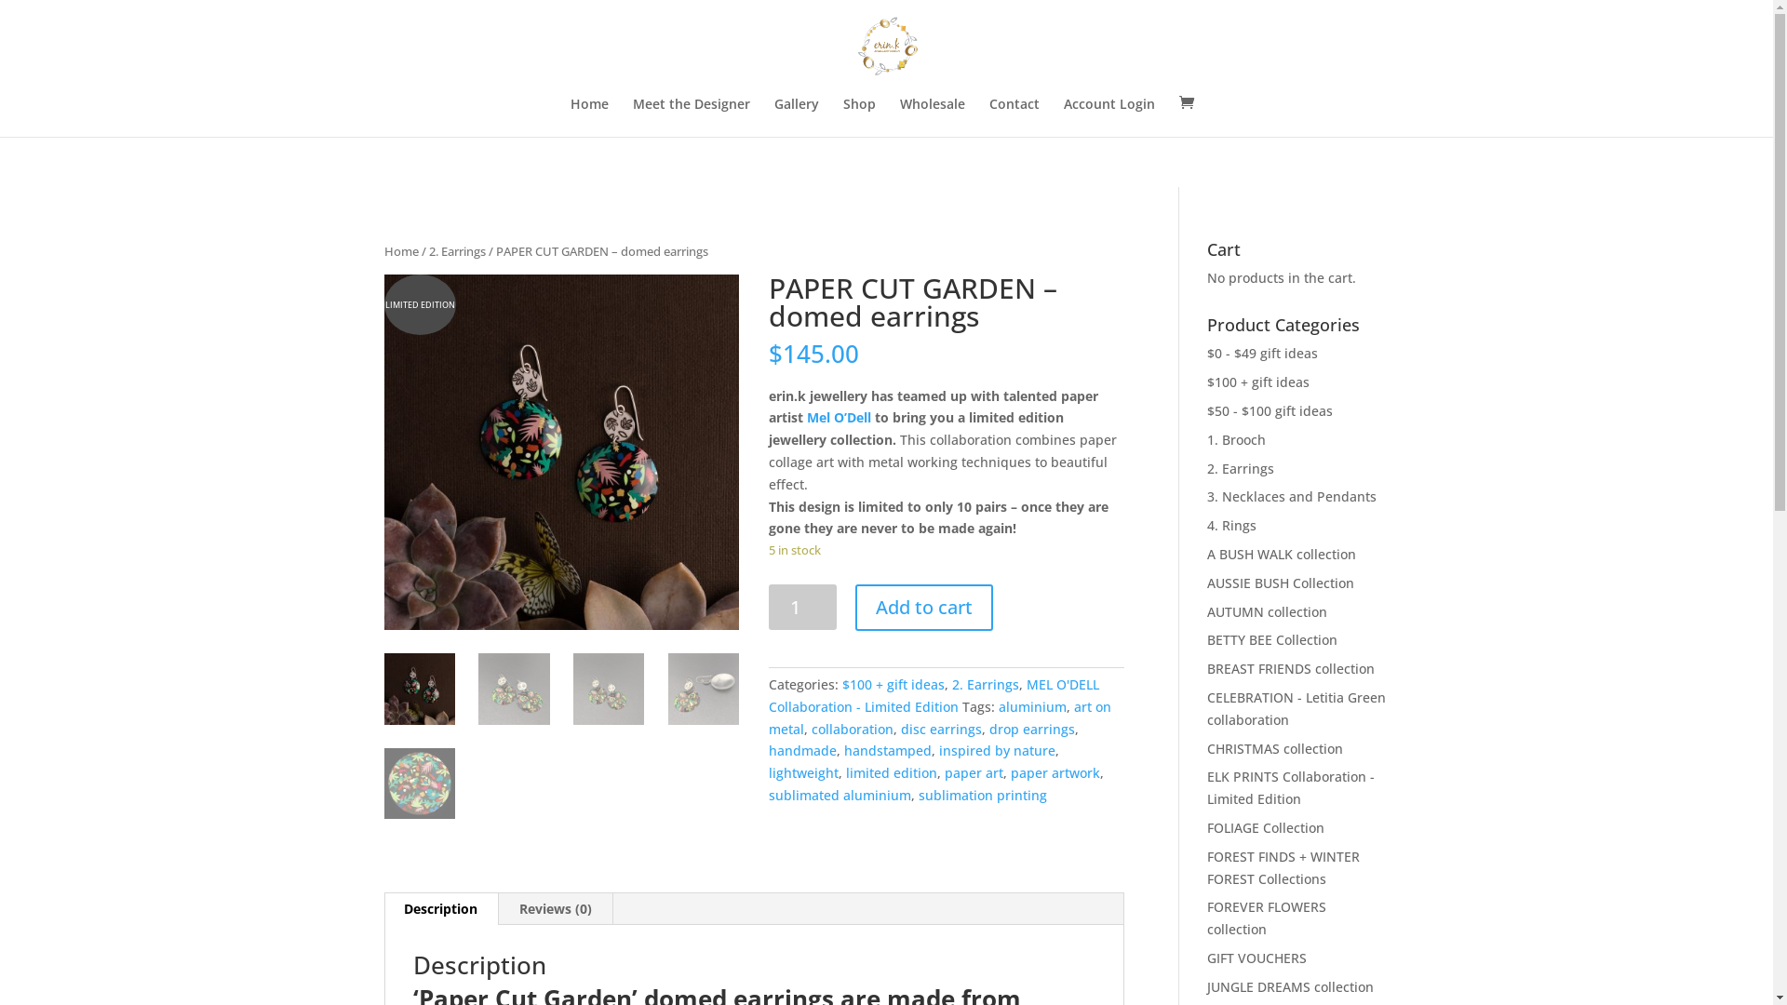 The height and width of the screenshot is (1005, 1787). Describe the element at coordinates (1266, 611) in the screenshot. I see `'AUTUMN collection'` at that location.